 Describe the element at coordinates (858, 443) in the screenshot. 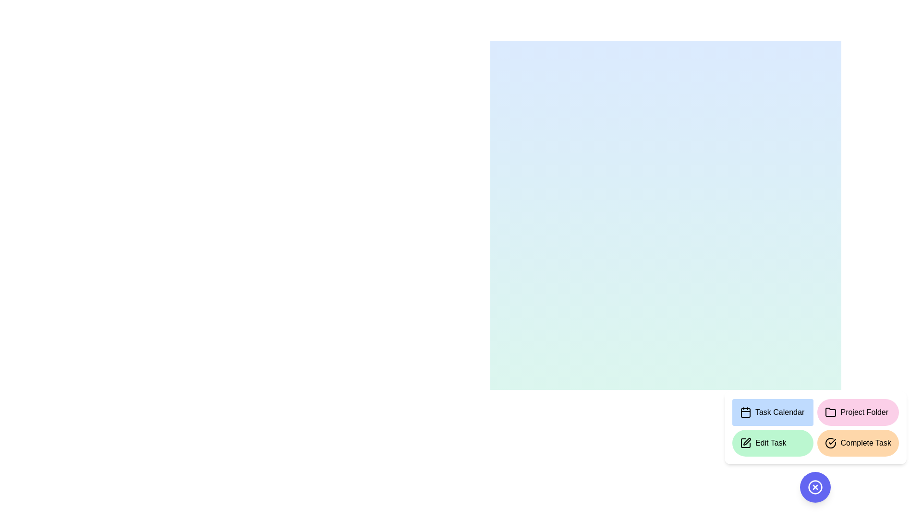

I see `the button located in the bottom-right region of the interface to mark the task as complete` at that location.